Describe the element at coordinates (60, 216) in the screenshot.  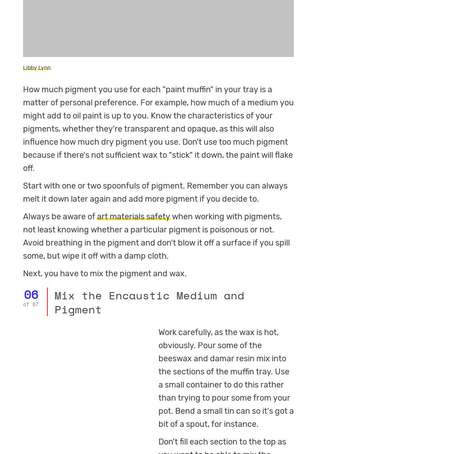
I see `'Always be aware of'` at that location.